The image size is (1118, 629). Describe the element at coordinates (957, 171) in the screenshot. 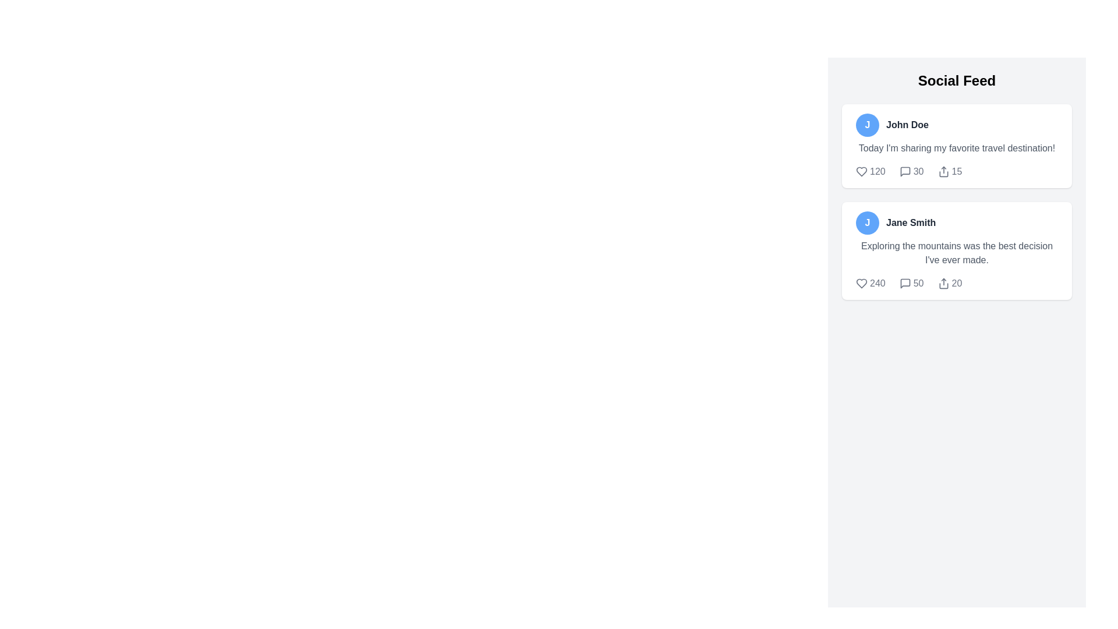

I see `the text component displaying the number '15', which is styled with gray text and located beneath the post content by 'John Doe'` at that location.